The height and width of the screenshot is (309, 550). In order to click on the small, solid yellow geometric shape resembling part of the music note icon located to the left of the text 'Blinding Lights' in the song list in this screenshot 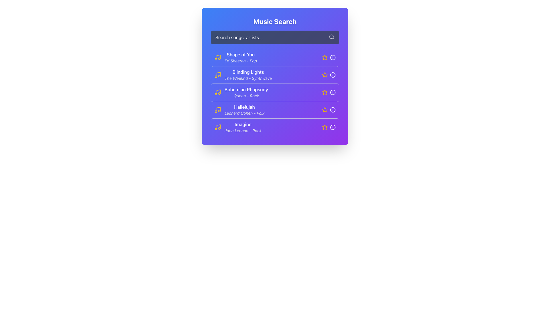, I will do `click(218, 74)`.